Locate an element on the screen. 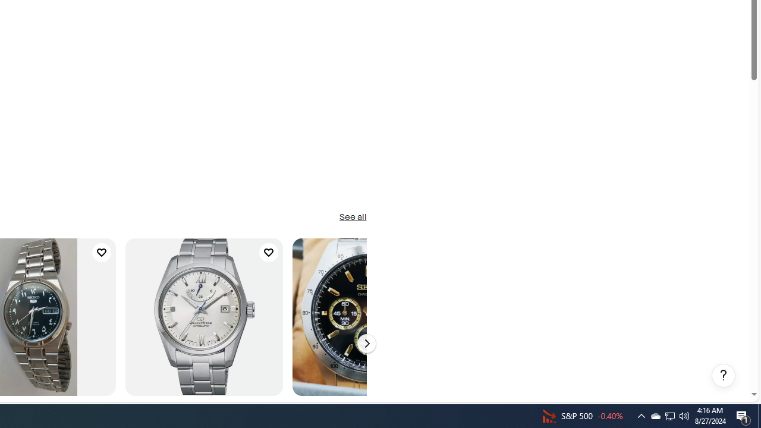 The width and height of the screenshot is (761, 428). 'See all' is located at coordinates (352, 218).